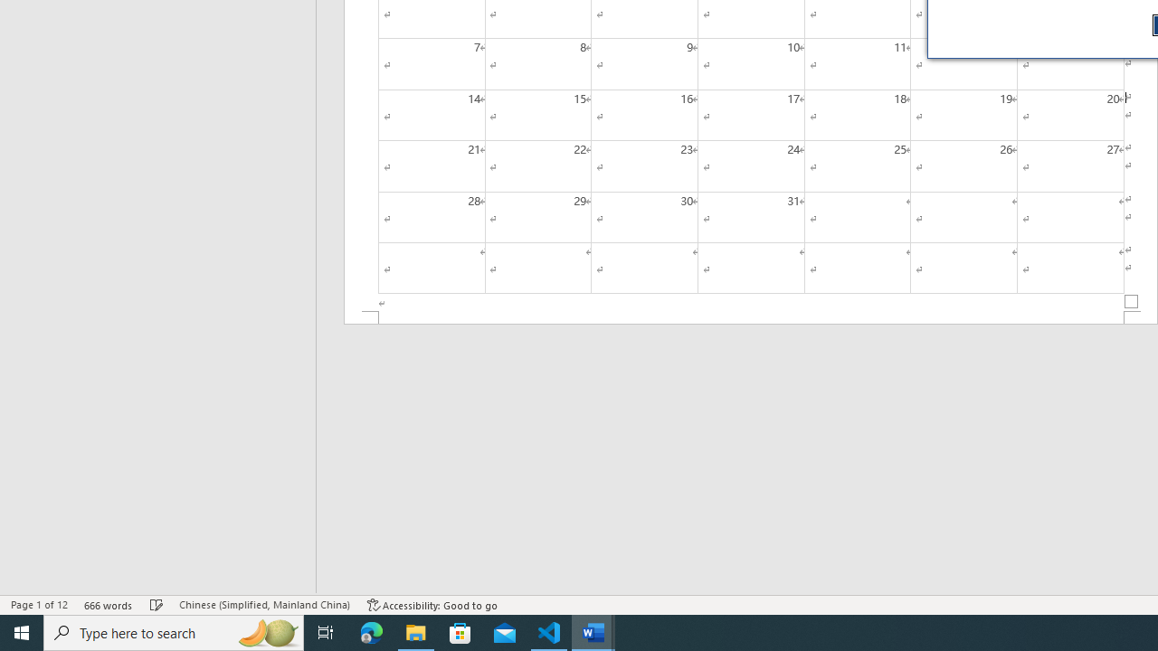 The image size is (1158, 651). What do you see at coordinates (371, 631) in the screenshot?
I see `'Microsoft Edge'` at bounding box center [371, 631].